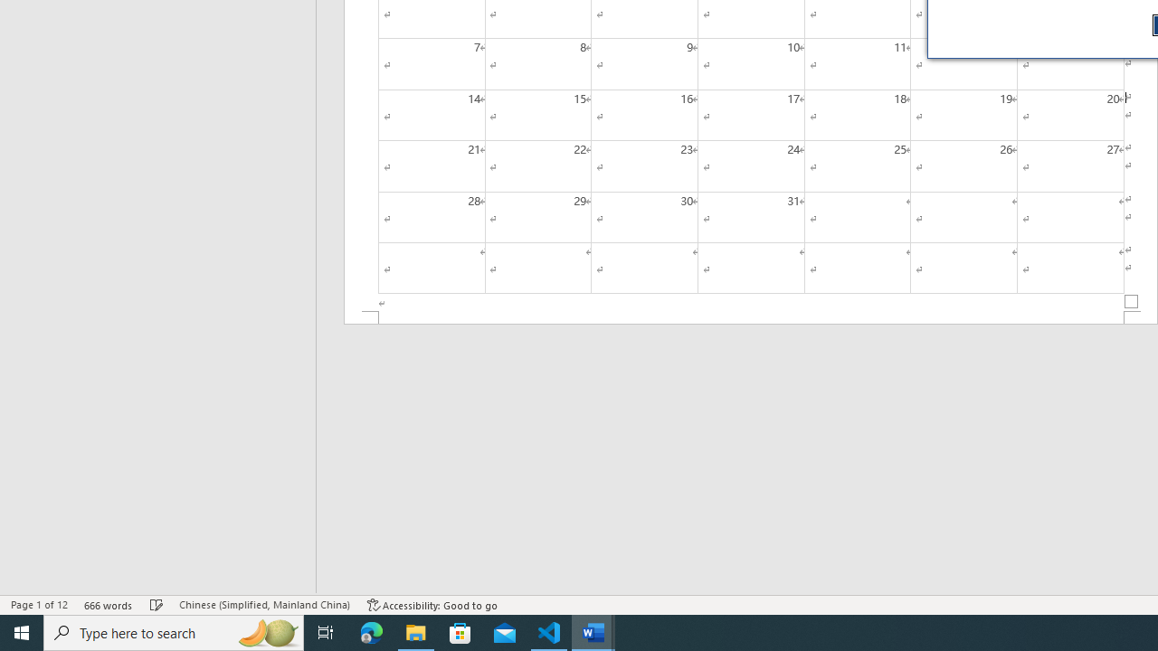 The image size is (1158, 651). What do you see at coordinates (371, 631) in the screenshot?
I see `'Microsoft Edge'` at bounding box center [371, 631].